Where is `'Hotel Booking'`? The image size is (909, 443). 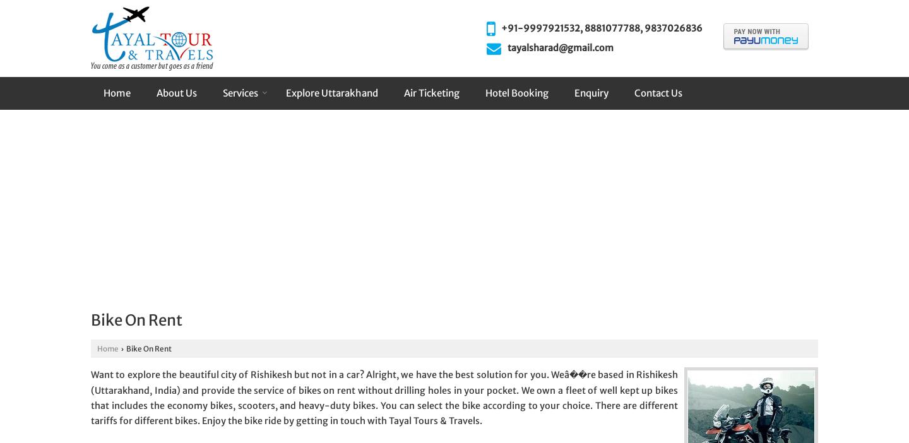 'Hotel Booking' is located at coordinates (516, 92).